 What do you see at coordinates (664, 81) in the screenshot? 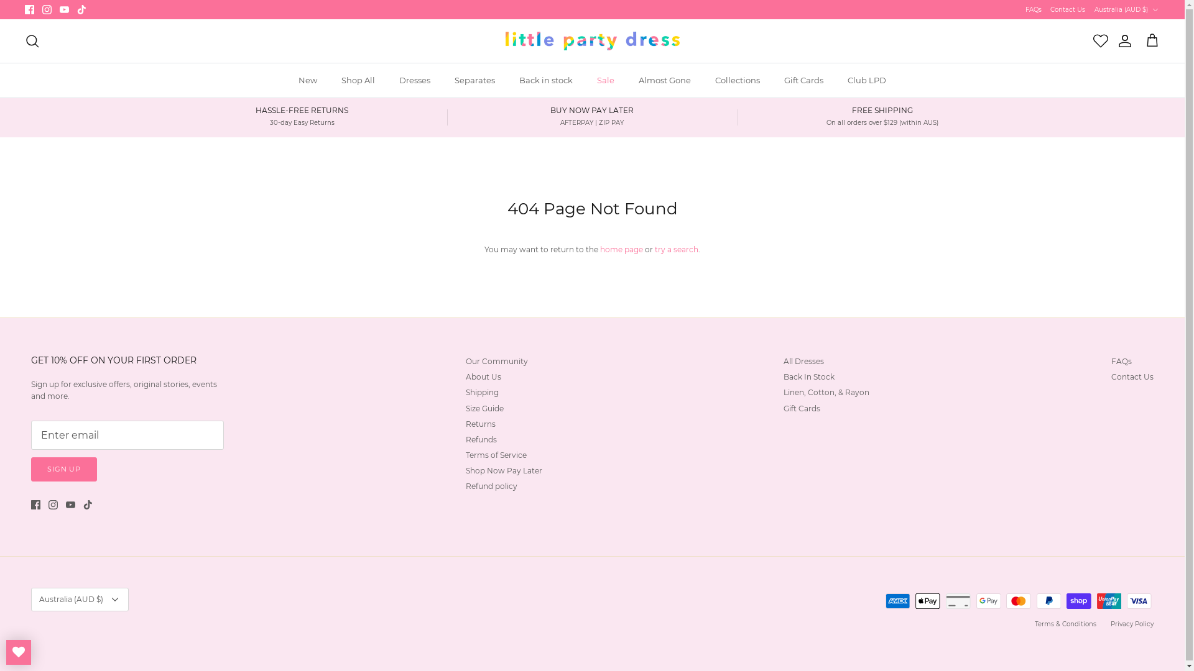
I see `'Almost Gone'` at bounding box center [664, 81].